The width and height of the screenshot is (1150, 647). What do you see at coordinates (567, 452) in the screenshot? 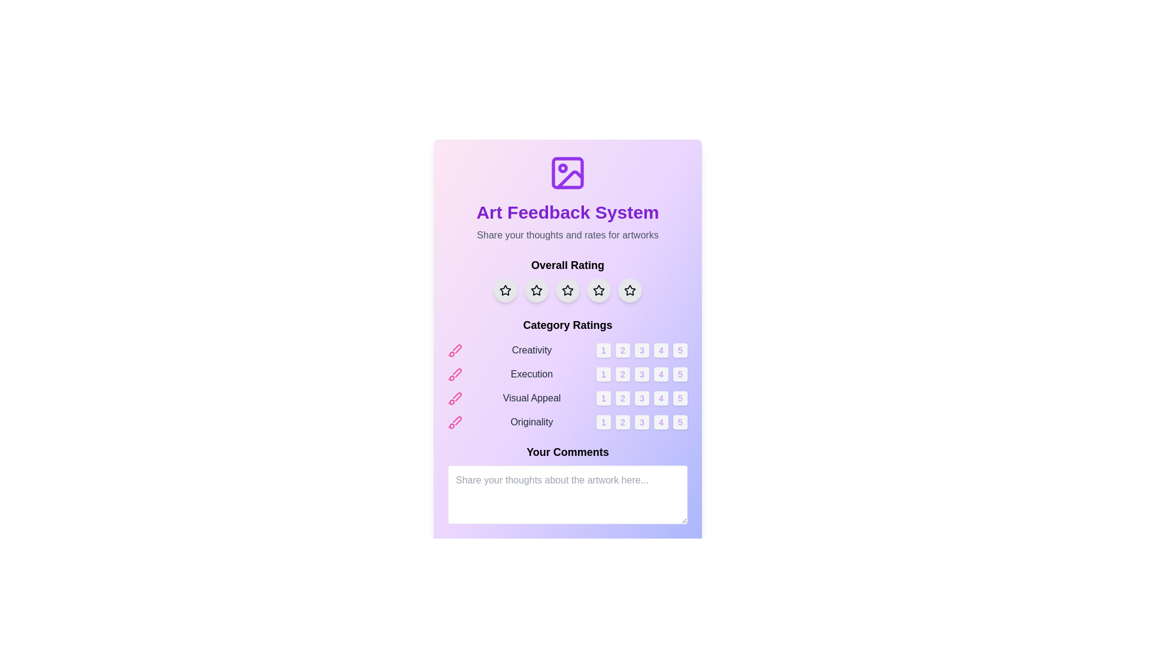
I see `the 'Your Comments' static text label, which is styled in bold and large typography, located above the comment input field` at bounding box center [567, 452].